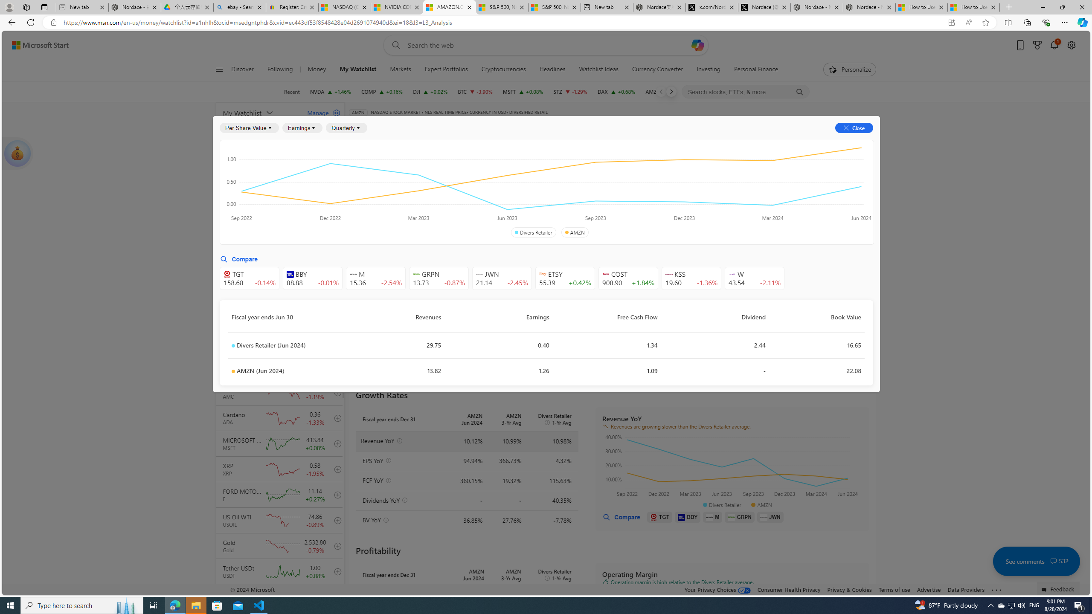 Image resolution: width=1092 pixels, height=614 pixels. What do you see at coordinates (951, 23) in the screenshot?
I see `'App available. Install Start Money'` at bounding box center [951, 23].